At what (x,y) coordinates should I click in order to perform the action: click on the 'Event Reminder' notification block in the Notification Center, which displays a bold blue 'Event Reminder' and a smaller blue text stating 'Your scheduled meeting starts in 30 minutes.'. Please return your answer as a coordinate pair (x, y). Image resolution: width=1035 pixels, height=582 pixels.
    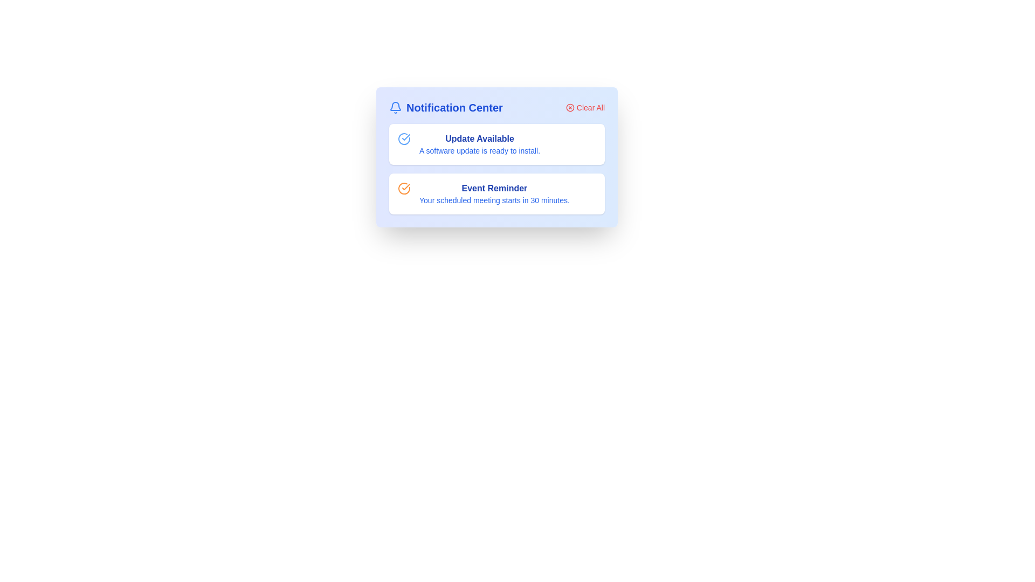
    Looking at the image, I should click on (494, 193).